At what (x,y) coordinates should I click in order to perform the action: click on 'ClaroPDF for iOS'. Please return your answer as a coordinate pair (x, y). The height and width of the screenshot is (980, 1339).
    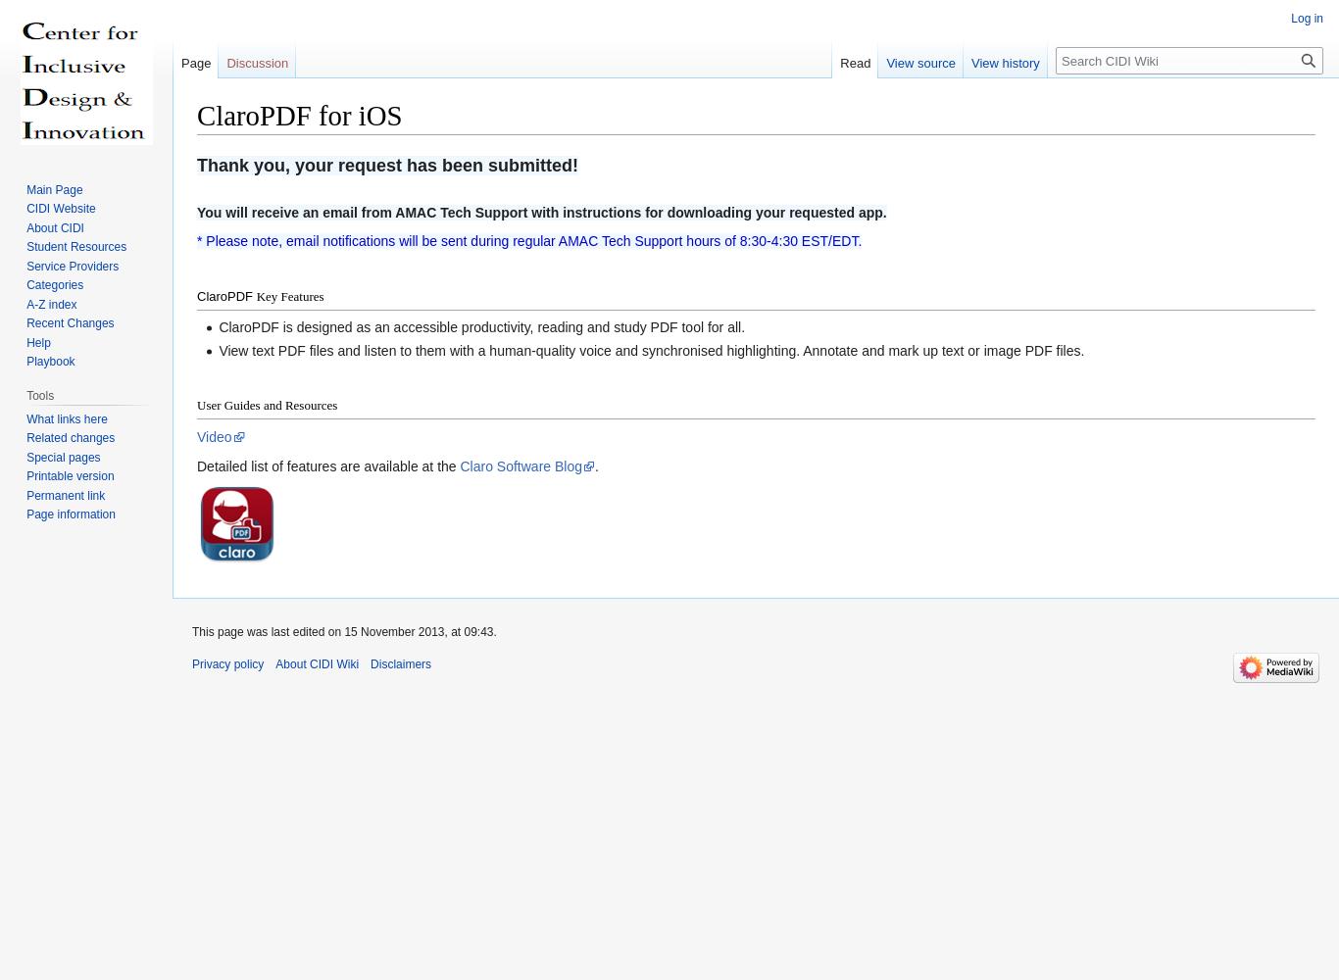
    Looking at the image, I should click on (299, 115).